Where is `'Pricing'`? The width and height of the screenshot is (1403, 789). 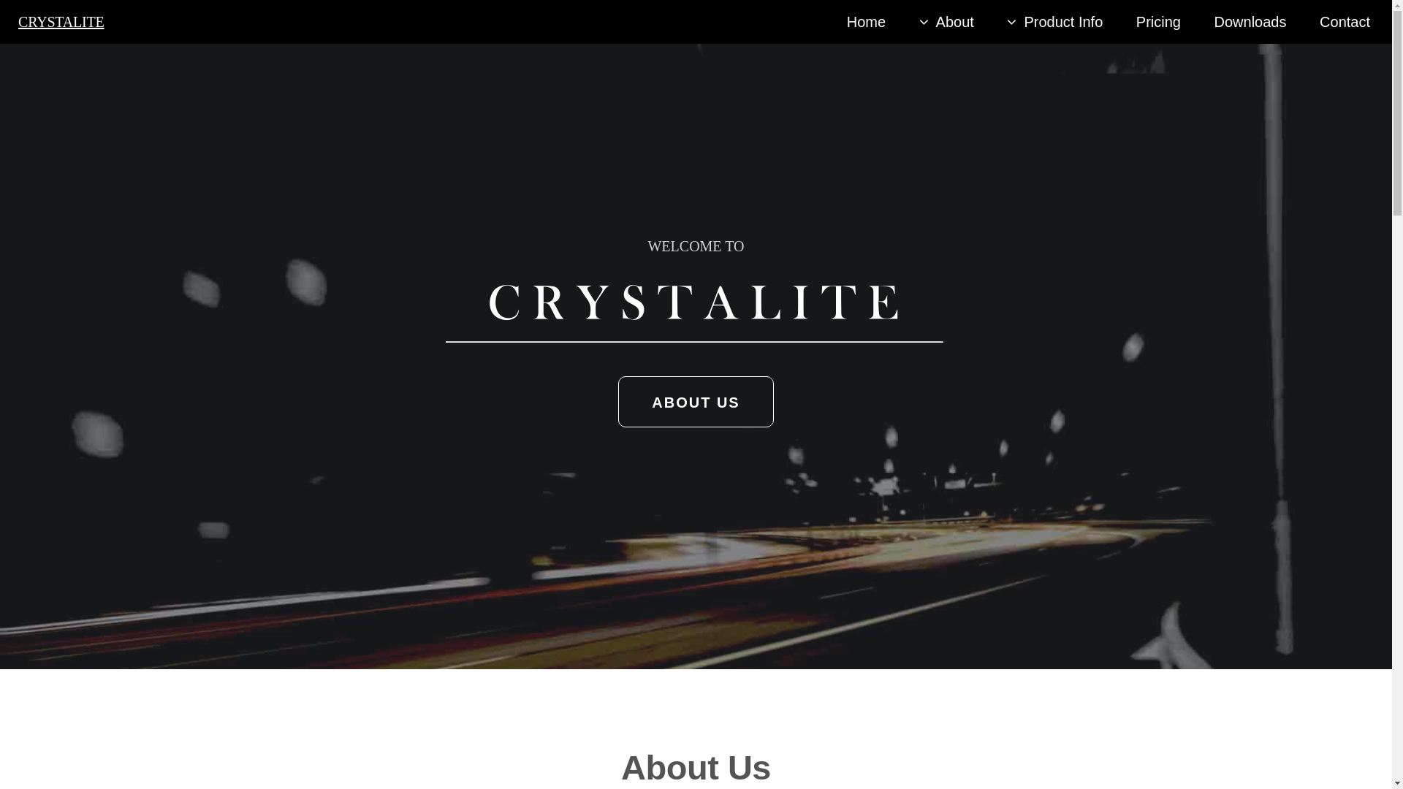 'Pricing' is located at coordinates (1157, 22).